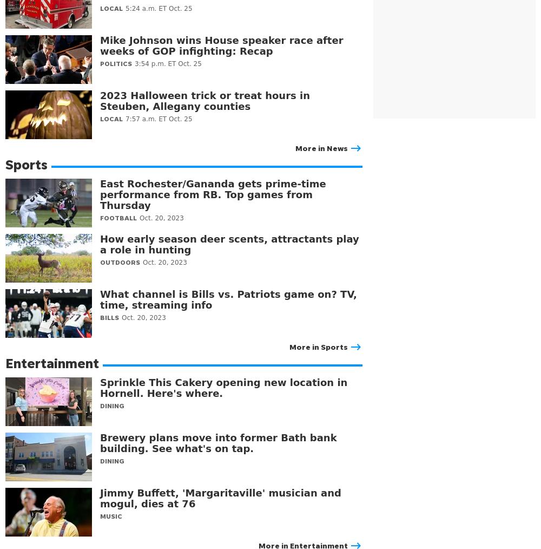 Image resolution: width=541 pixels, height=549 pixels. Describe the element at coordinates (100, 45) in the screenshot. I see `'Mike Johnson wins House speaker race after weeks of GOP infighting: Recap'` at that location.